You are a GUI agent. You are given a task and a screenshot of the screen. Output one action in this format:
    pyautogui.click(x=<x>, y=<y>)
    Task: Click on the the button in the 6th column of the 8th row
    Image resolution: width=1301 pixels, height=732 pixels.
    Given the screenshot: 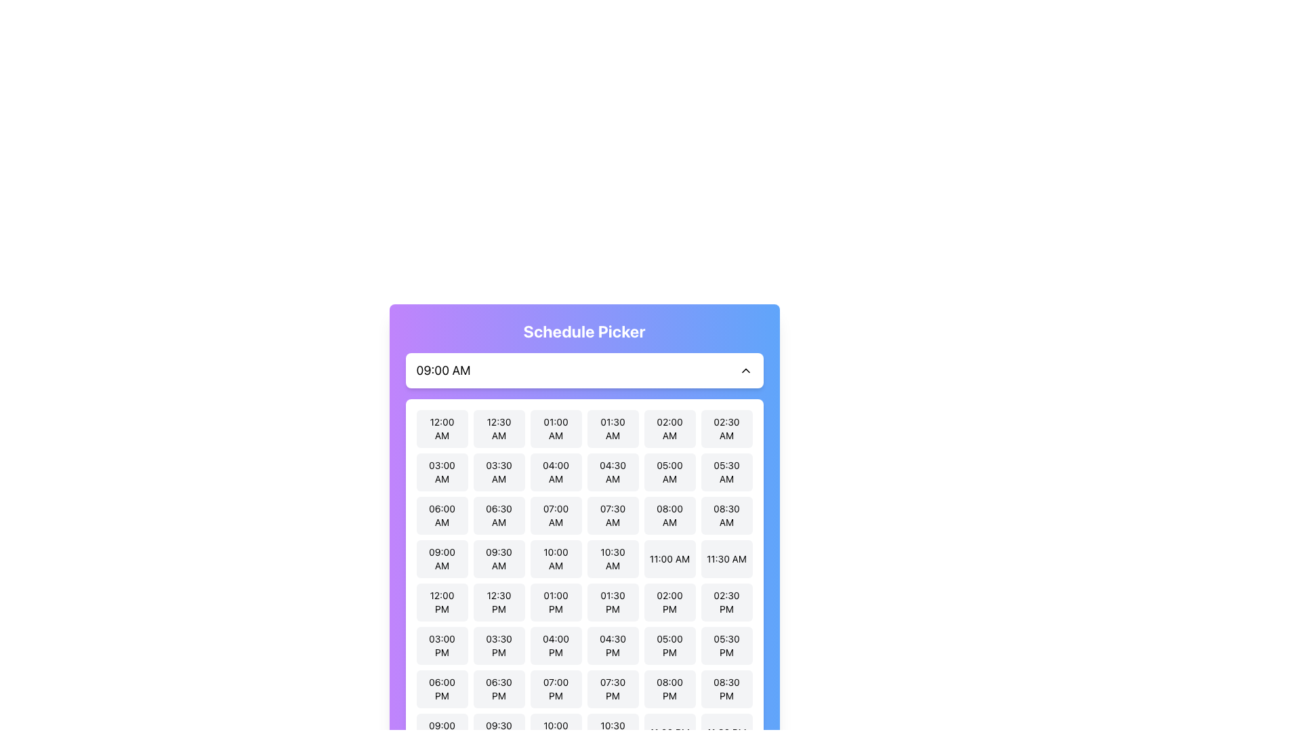 What is the action you would take?
    pyautogui.click(x=669, y=689)
    